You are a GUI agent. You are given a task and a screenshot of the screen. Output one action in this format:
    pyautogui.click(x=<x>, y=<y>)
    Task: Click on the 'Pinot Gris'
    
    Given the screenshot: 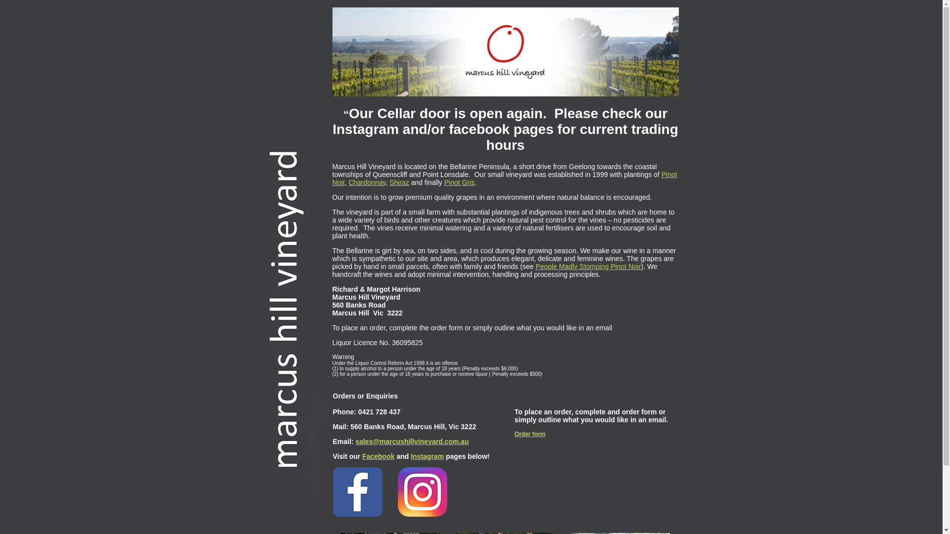 What is the action you would take?
    pyautogui.click(x=459, y=181)
    